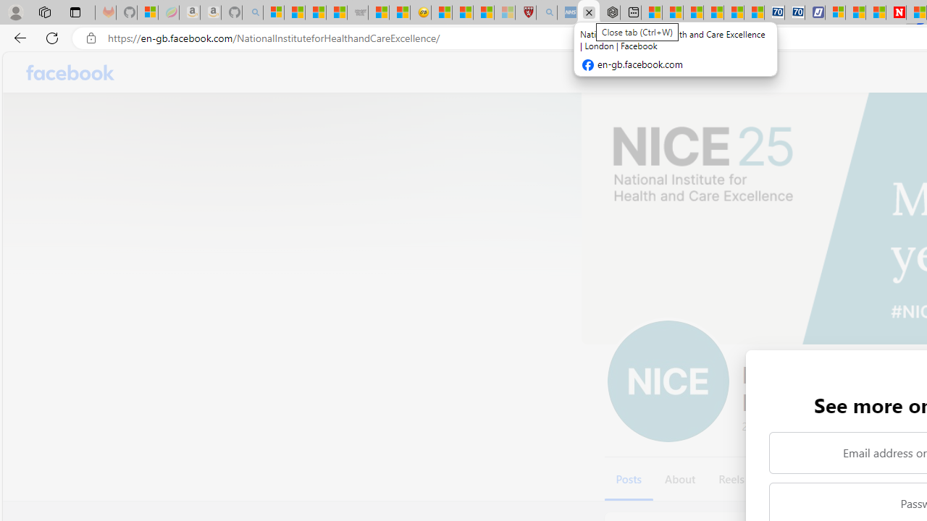 The image size is (927, 521). I want to click on 'Cheap Car Rentals - Save70.com', so click(773, 12).